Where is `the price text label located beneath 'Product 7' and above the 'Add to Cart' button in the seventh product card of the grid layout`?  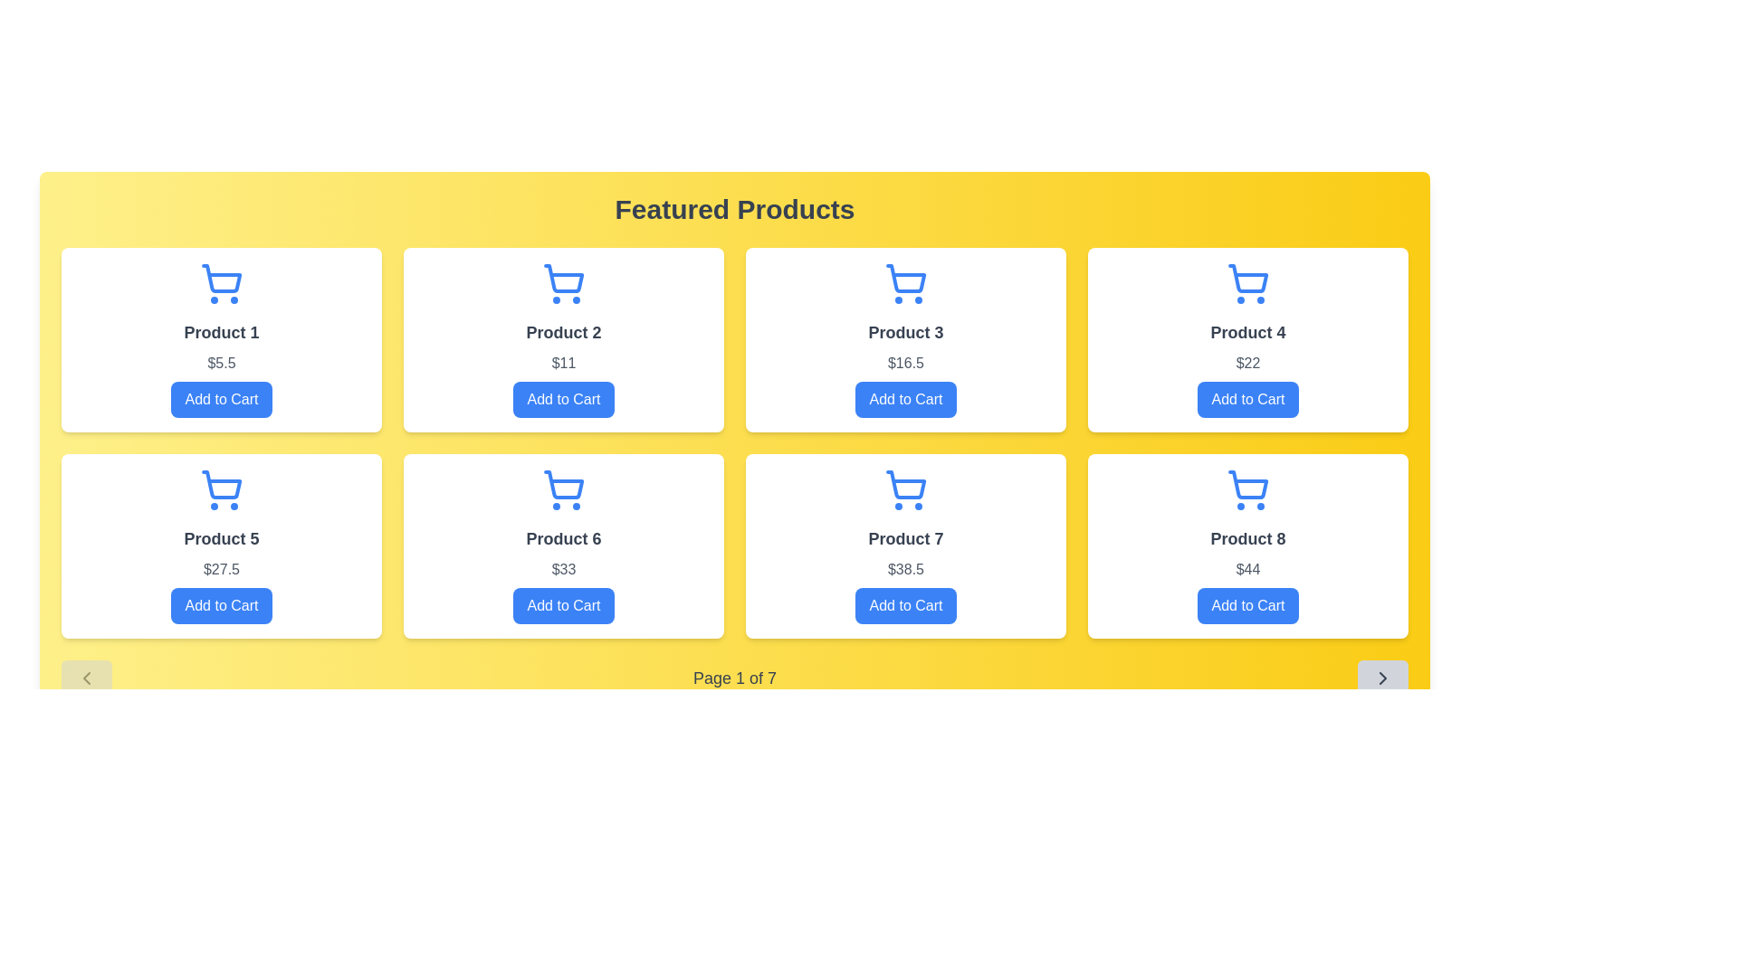 the price text label located beneath 'Product 7' and above the 'Add to Cart' button in the seventh product card of the grid layout is located at coordinates (906, 568).